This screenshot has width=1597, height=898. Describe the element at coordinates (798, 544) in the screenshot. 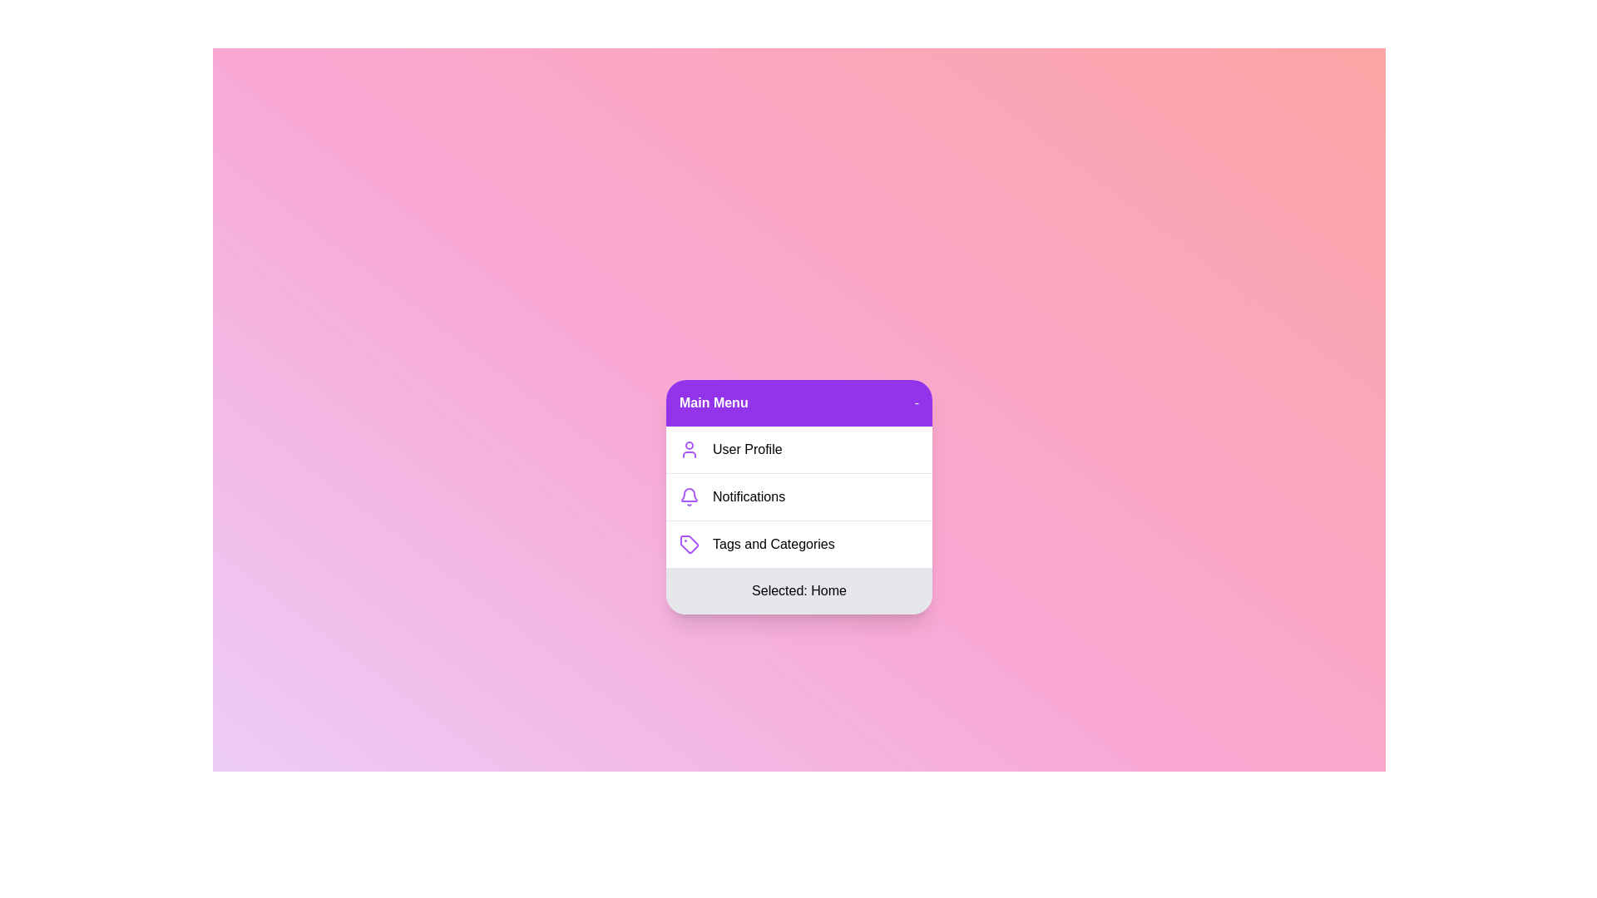

I see `the menu item Tags and Categories from the list` at that location.